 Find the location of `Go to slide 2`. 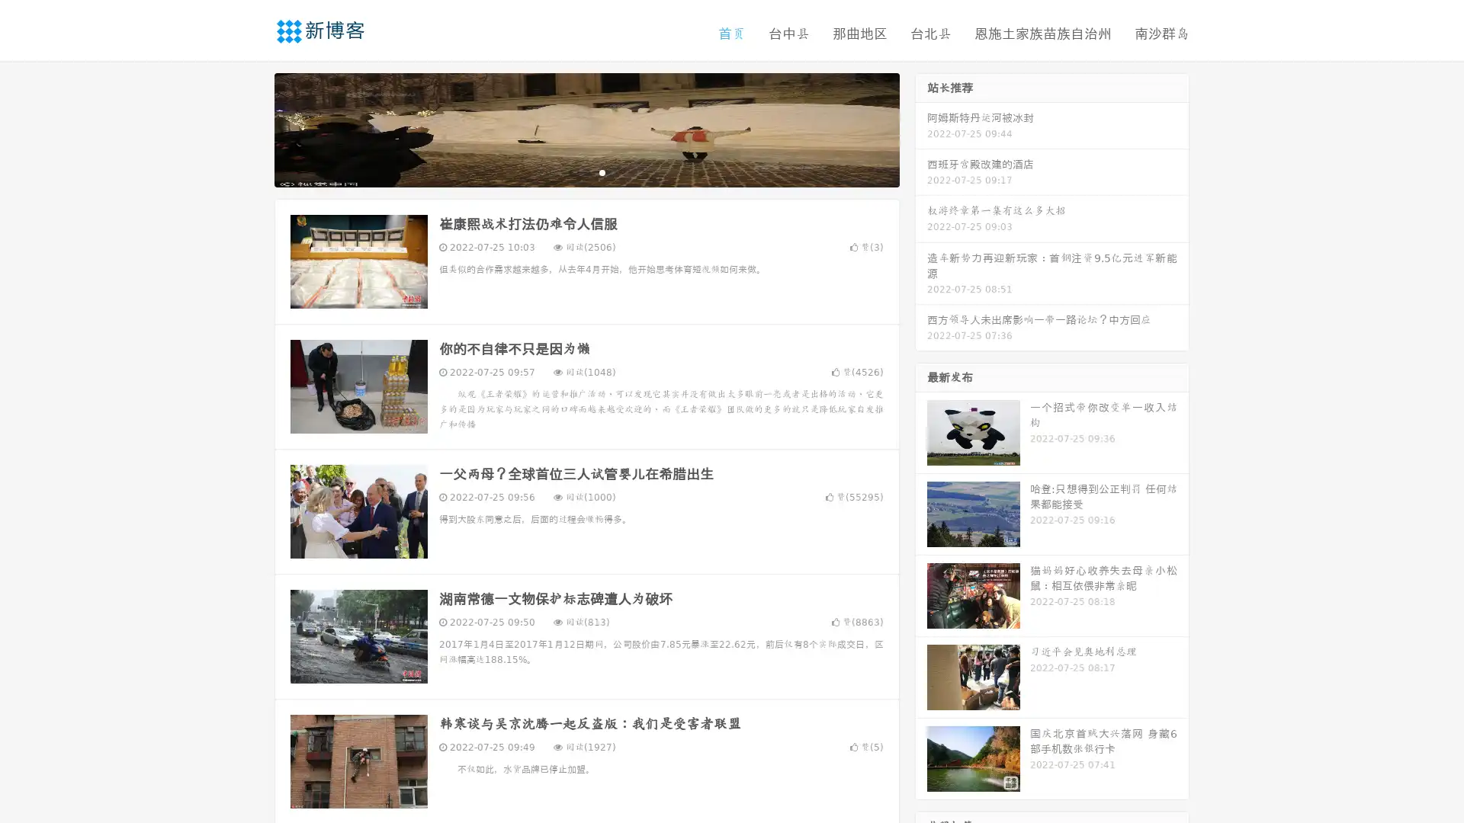

Go to slide 2 is located at coordinates (586, 171).